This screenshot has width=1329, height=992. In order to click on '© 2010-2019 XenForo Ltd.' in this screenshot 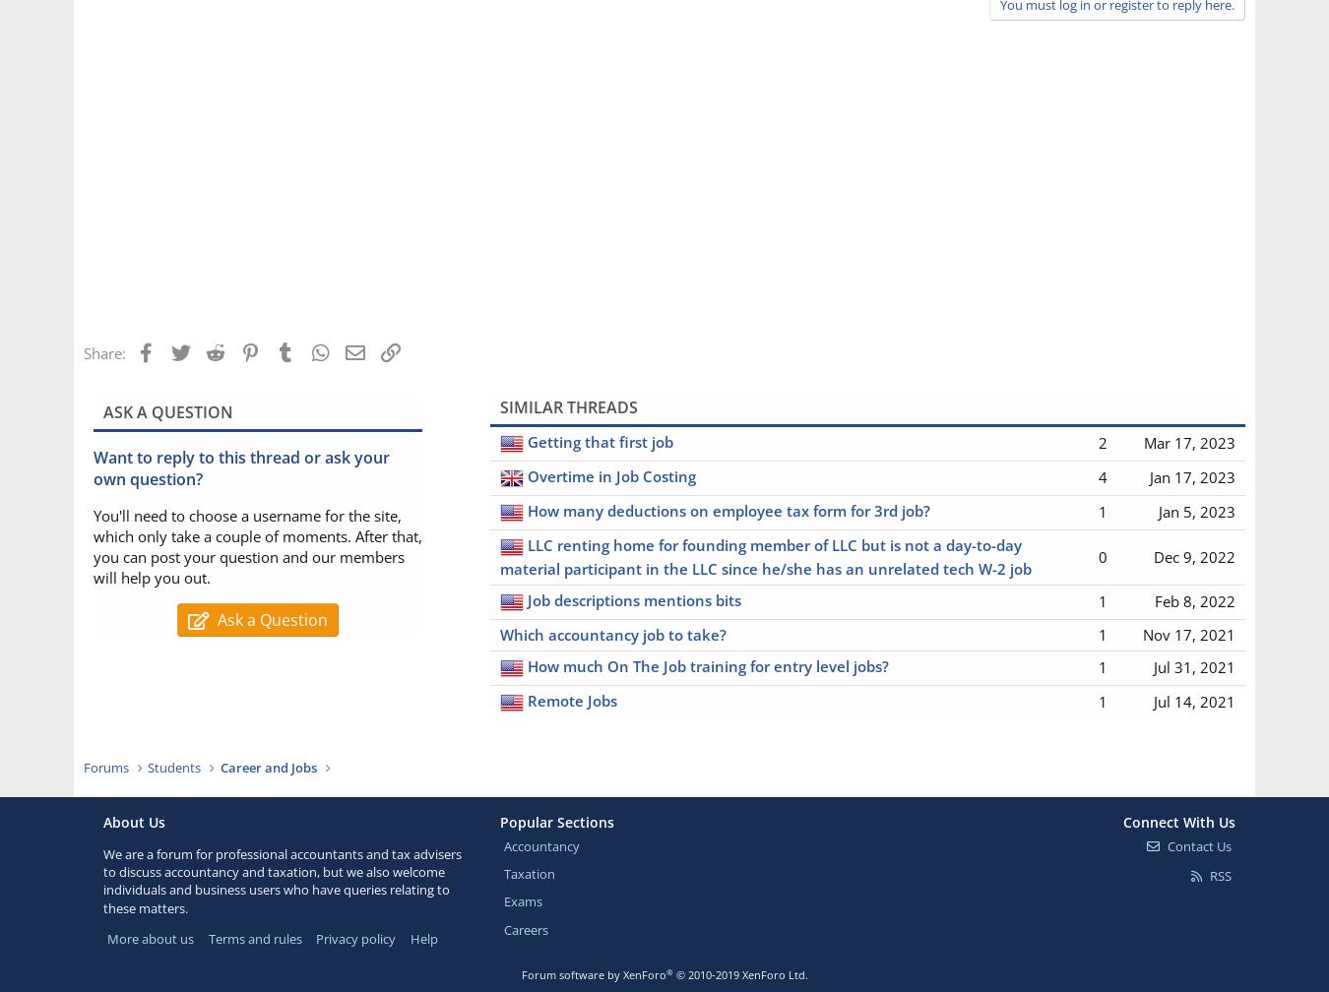, I will do `click(673, 973)`.